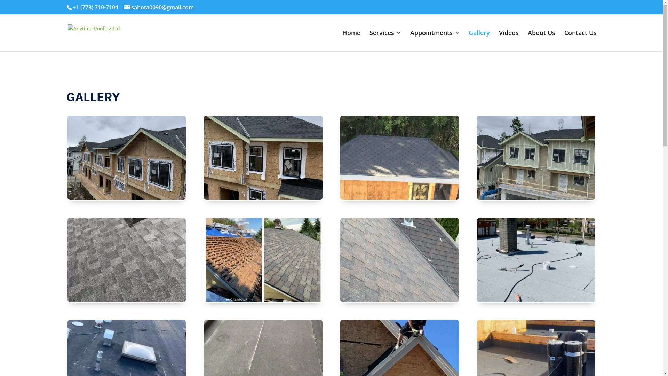 The image size is (668, 376). What do you see at coordinates (342, 40) in the screenshot?
I see `'Home'` at bounding box center [342, 40].